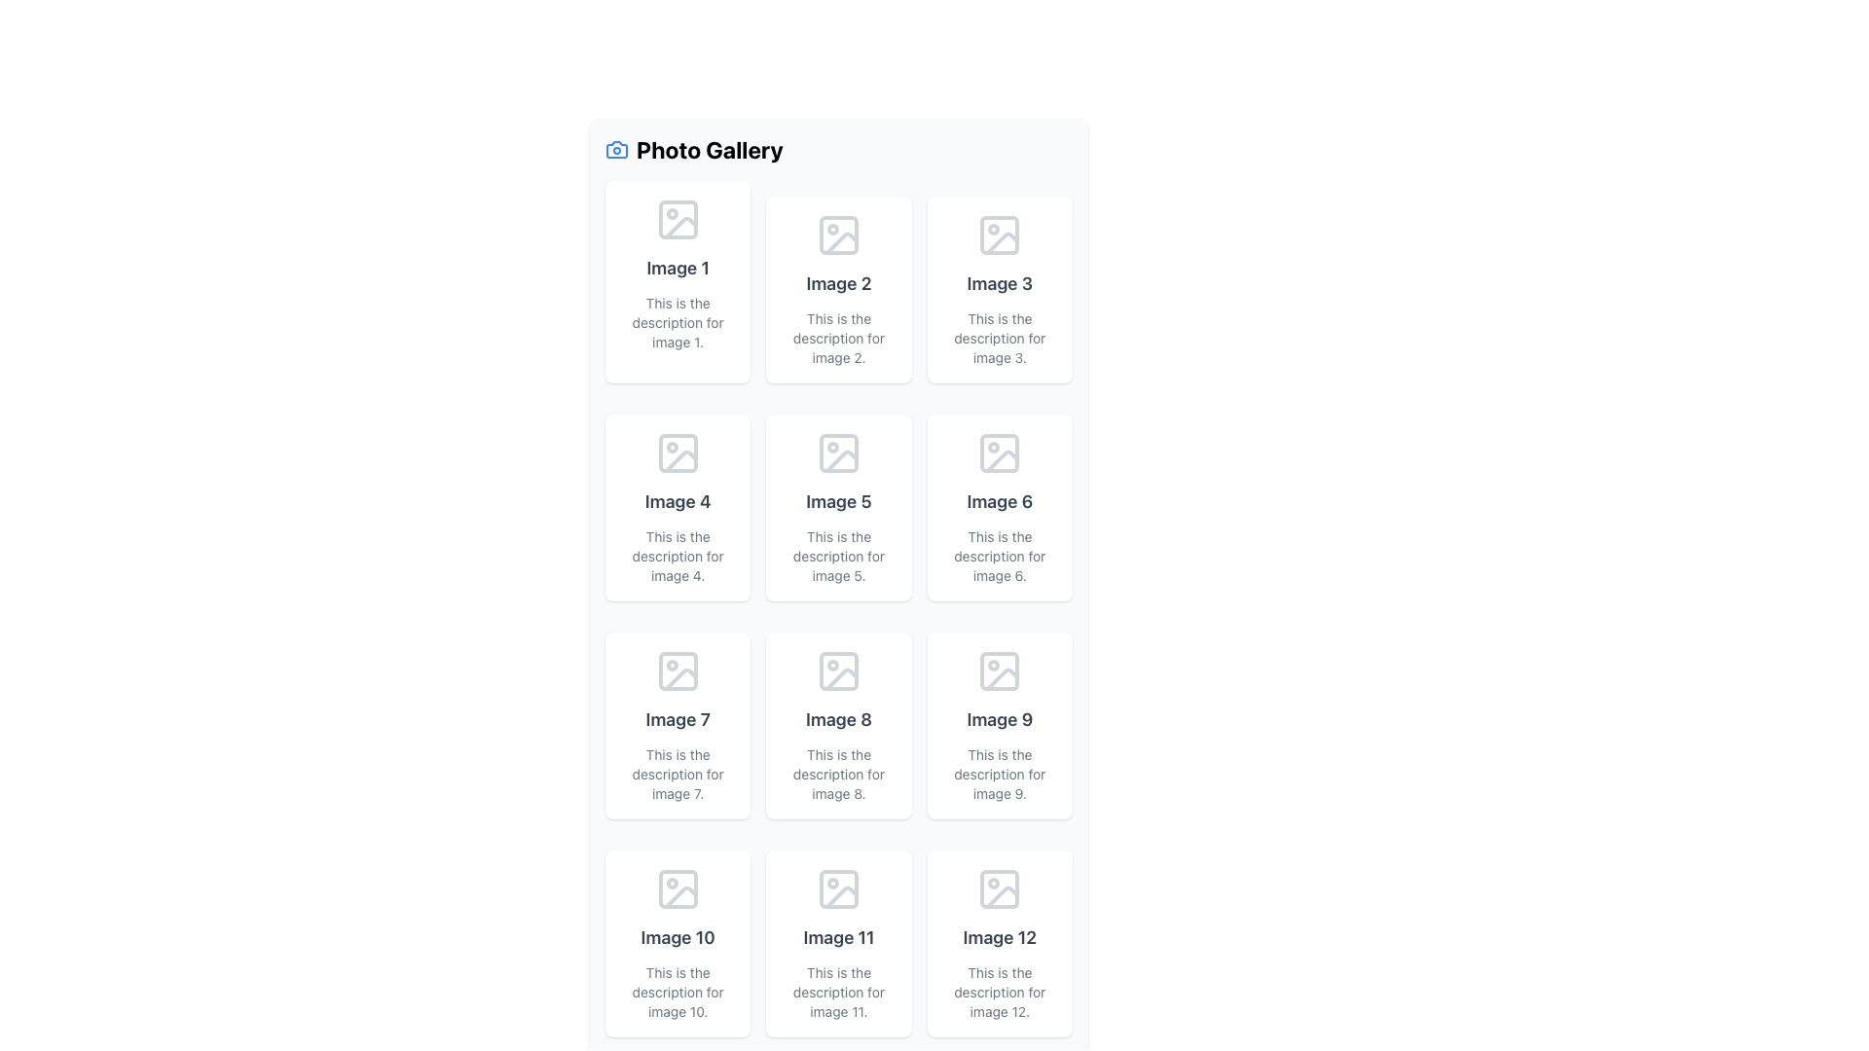  I want to click on the first item in the second row of the photo gallery grid, so click(678, 506).